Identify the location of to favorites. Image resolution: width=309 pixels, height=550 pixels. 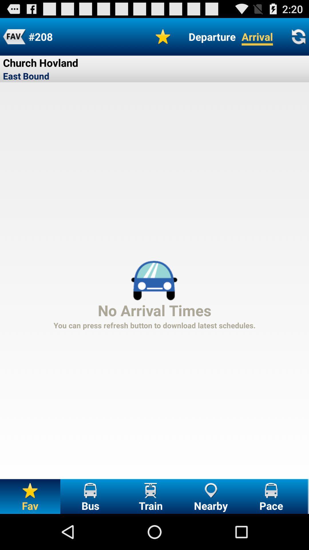
(14, 36).